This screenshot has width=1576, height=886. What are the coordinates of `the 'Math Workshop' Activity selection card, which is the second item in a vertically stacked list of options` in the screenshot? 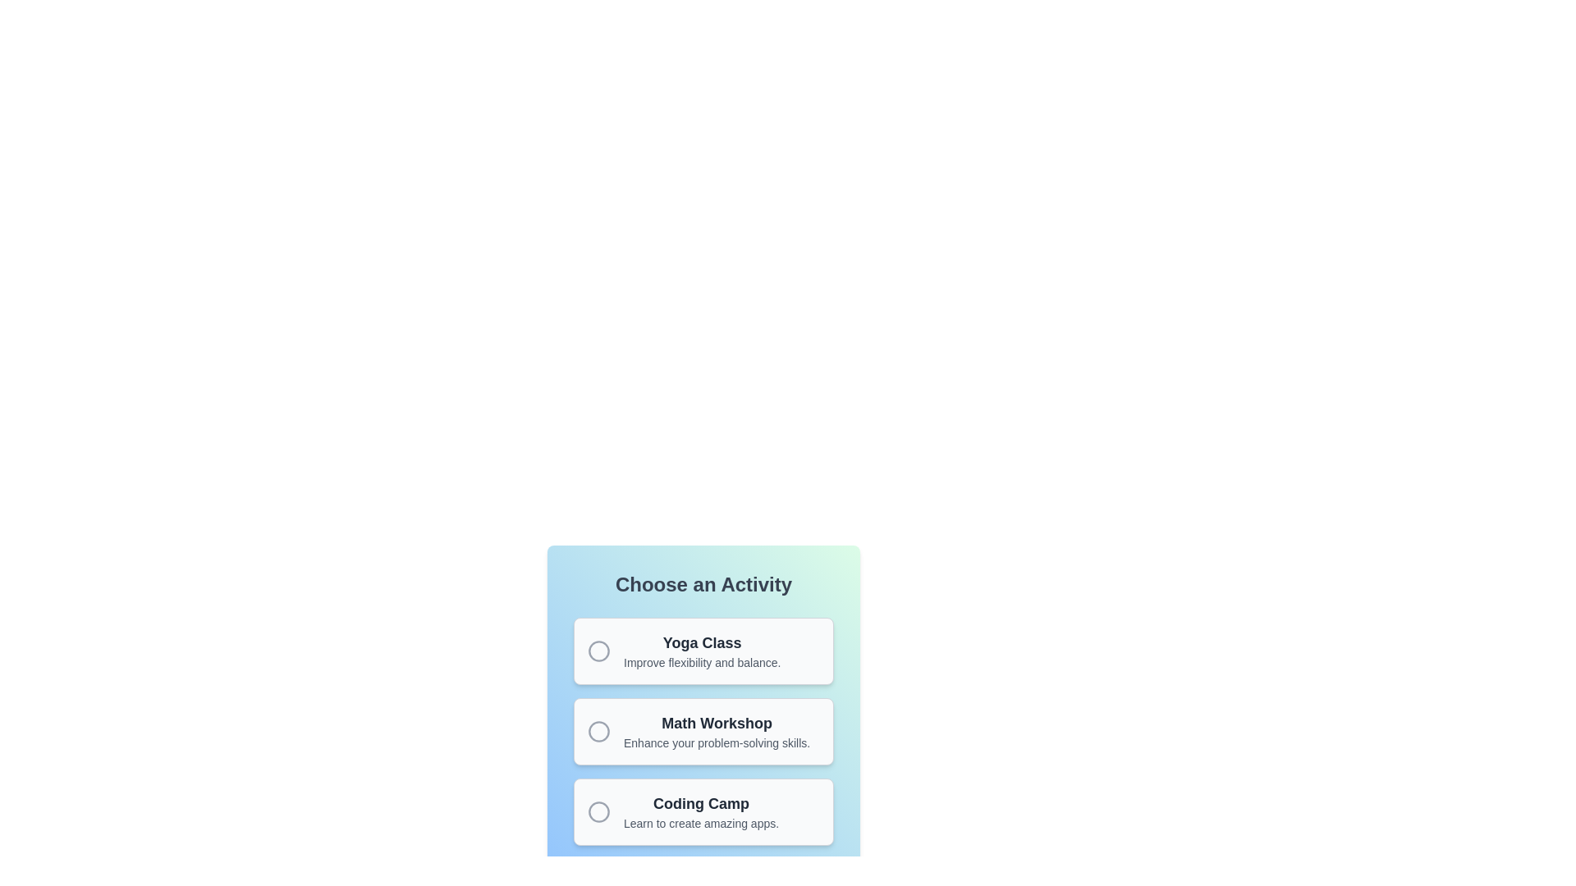 It's located at (703, 708).